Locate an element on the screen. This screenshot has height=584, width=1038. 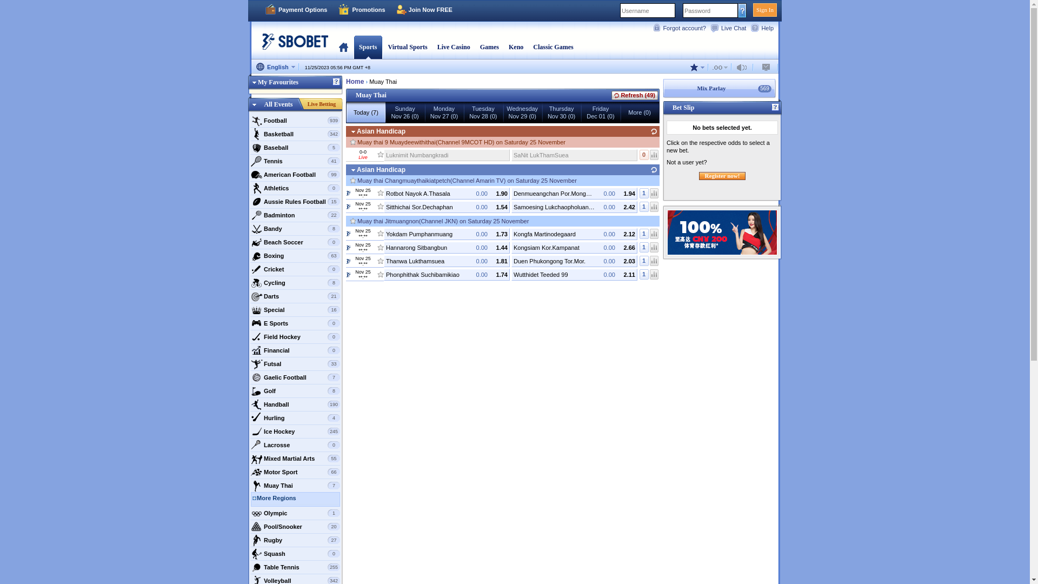
'No statistics available' is located at coordinates (653, 155).